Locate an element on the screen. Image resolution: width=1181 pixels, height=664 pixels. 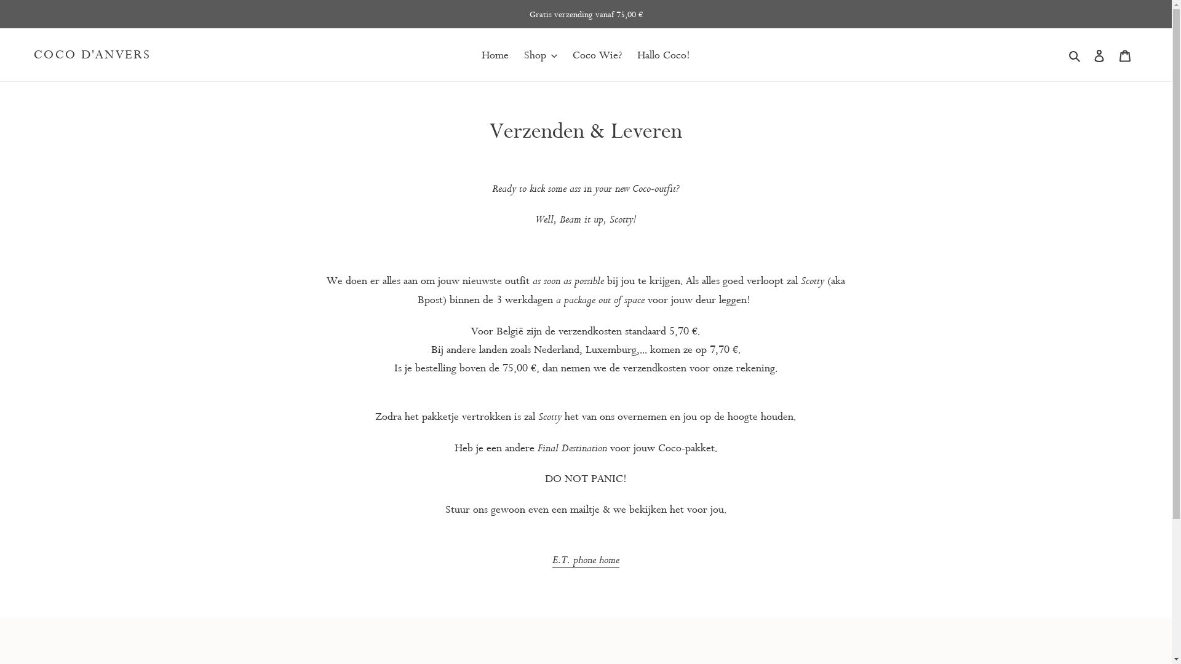
'COCO D'ANVERS' is located at coordinates (33, 53).